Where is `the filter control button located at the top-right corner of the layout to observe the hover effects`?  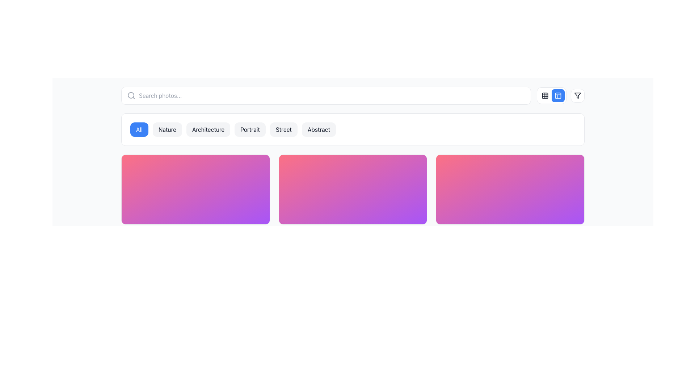 the filter control button located at the top-right corner of the layout to observe the hover effects is located at coordinates (577, 95).